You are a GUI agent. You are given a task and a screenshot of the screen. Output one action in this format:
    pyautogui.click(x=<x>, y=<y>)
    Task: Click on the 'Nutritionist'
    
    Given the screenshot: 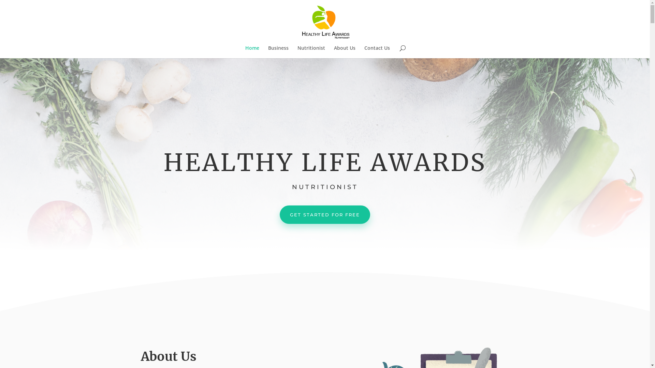 What is the action you would take?
    pyautogui.click(x=311, y=51)
    